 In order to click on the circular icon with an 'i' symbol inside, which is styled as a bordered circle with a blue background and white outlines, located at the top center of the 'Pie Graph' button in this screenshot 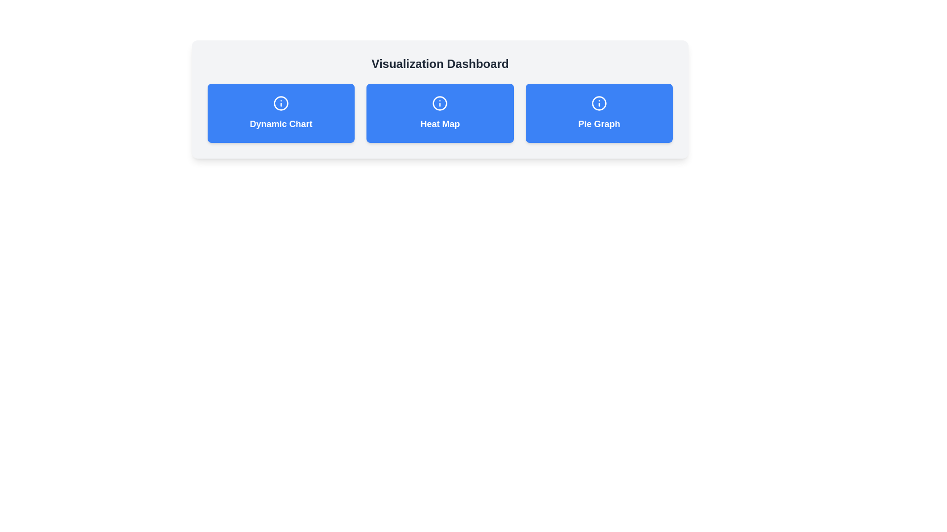, I will do `click(598, 103)`.